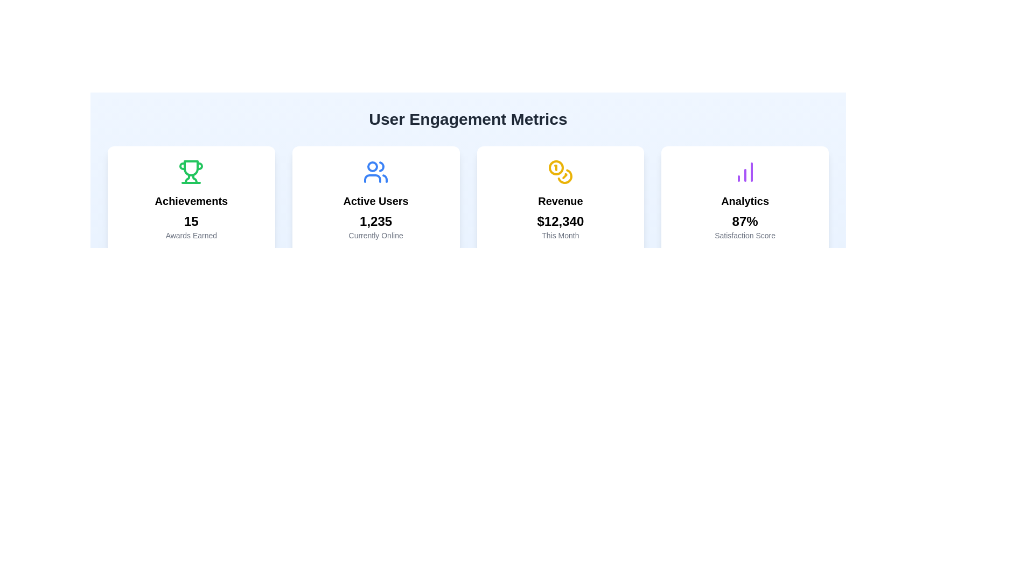 Image resolution: width=1034 pixels, height=581 pixels. Describe the element at coordinates (191, 168) in the screenshot. I see `the trophy base SVG element located in the first card labeled 'Achievements', which is characterized by its rectangular form with a rounded top` at that location.